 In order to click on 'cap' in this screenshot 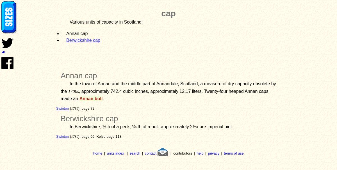, I will do `click(161, 13)`.